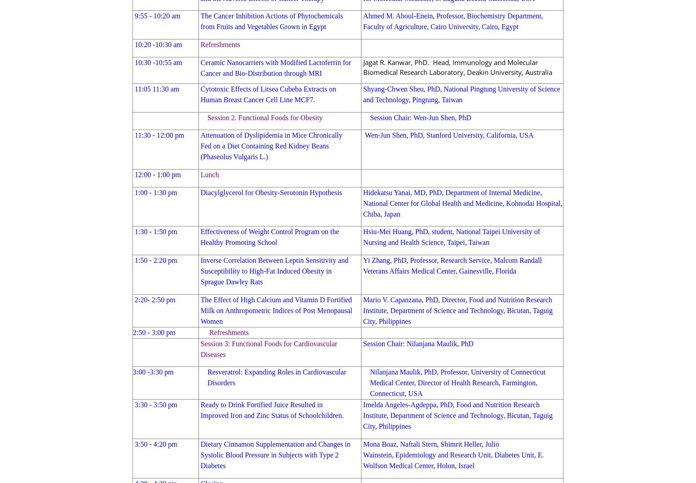 The height and width of the screenshot is (483, 696). Describe the element at coordinates (271, 146) in the screenshot. I see `'Attenuation of Dyslipidemia in Mice Chronically Fed on a Diet Containing Red Kidney Beans (Phaseolus Vulgaris L.)'` at that location.